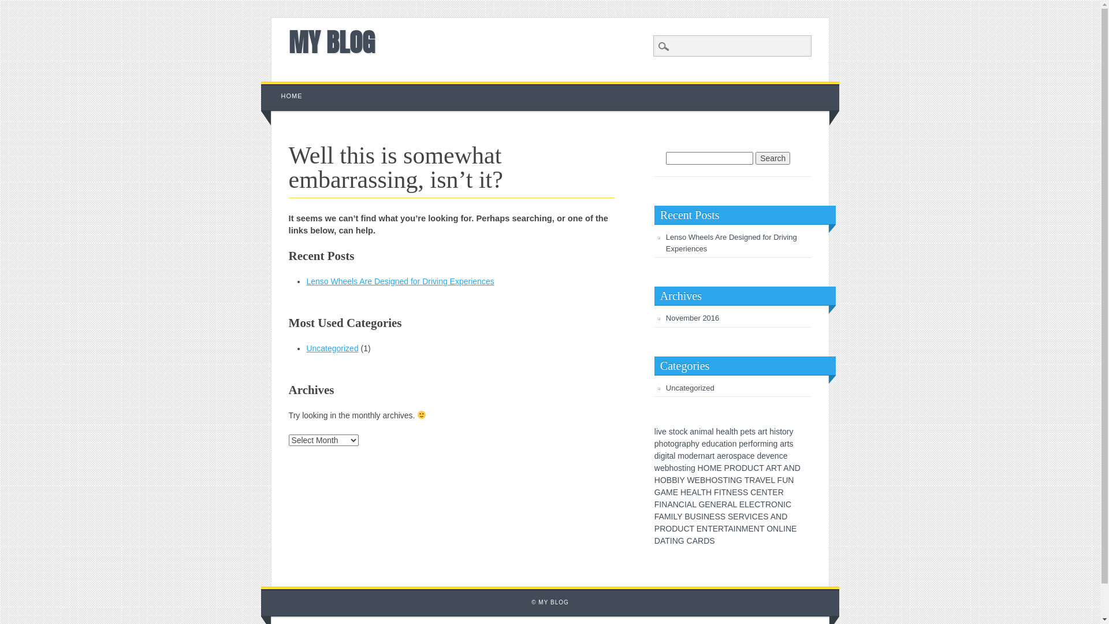 The width and height of the screenshot is (1109, 624). Describe the element at coordinates (698, 503) in the screenshot. I see `'G'` at that location.